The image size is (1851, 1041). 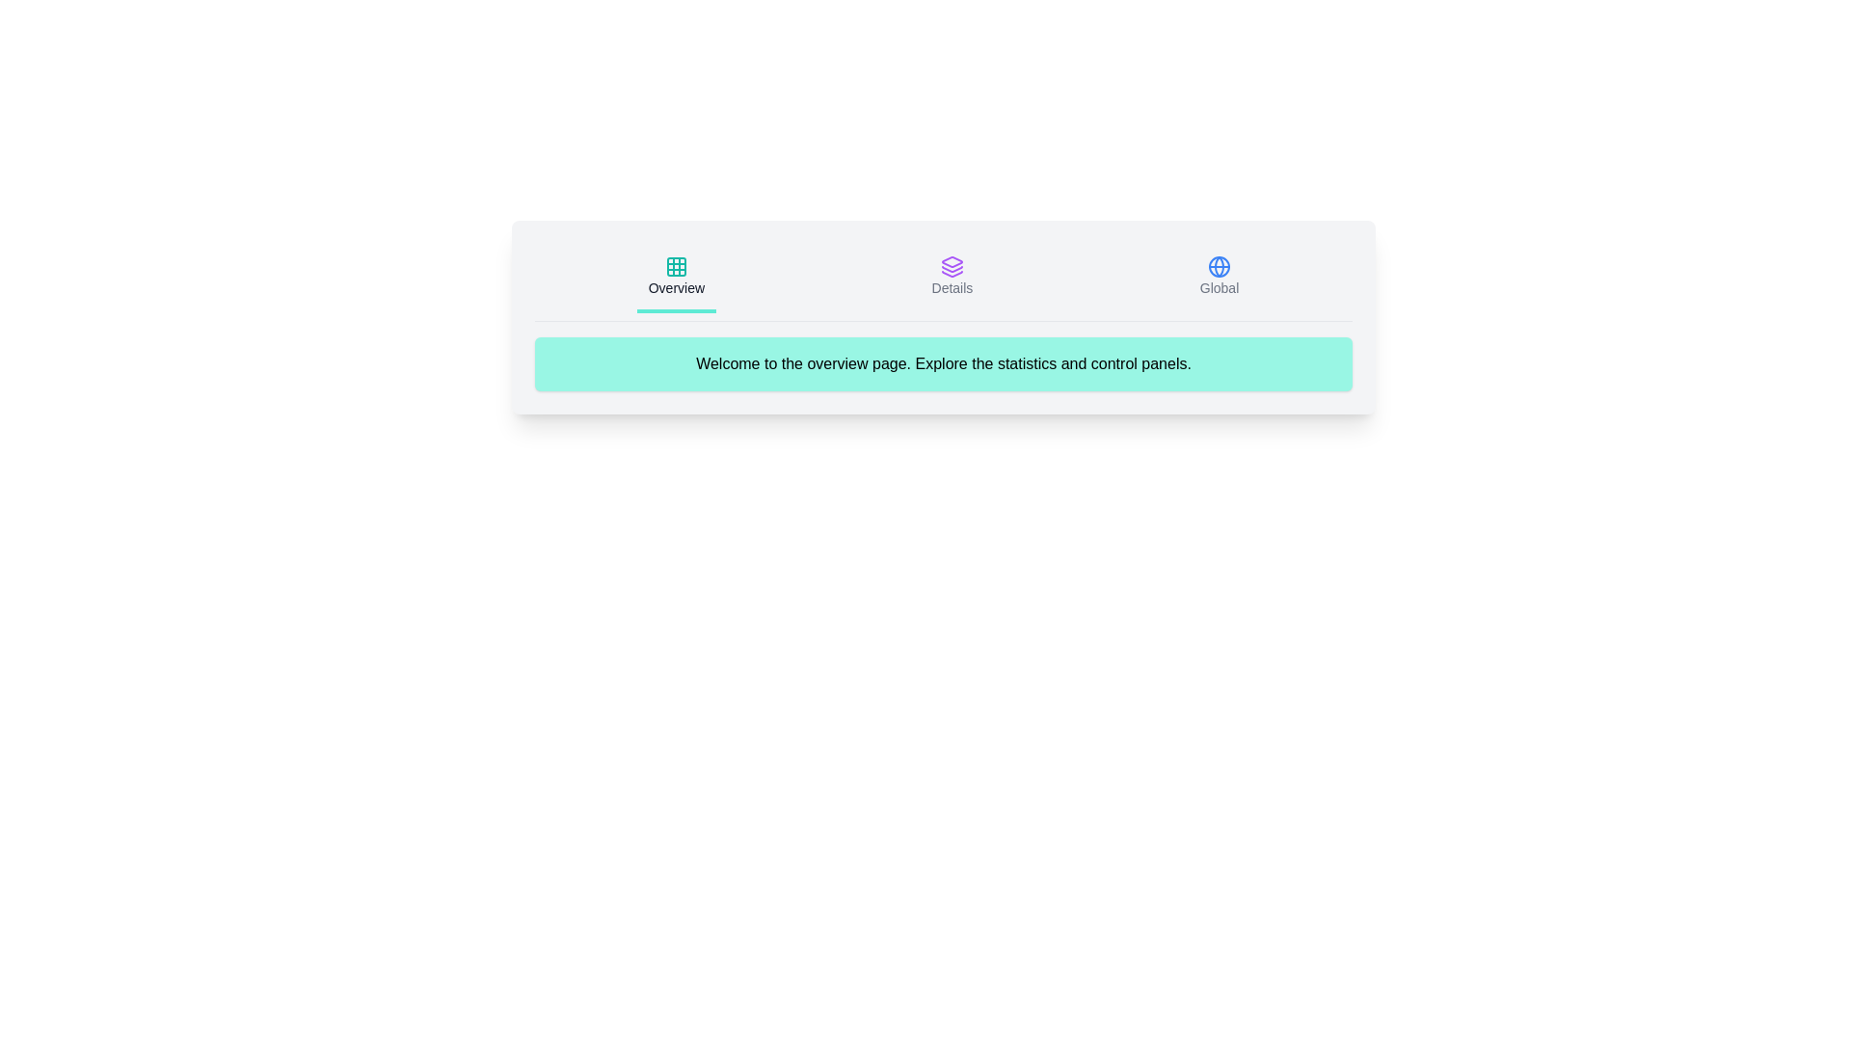 What do you see at coordinates (1219, 279) in the screenshot?
I see `the tab labeled Global to switch to the corresponding tab` at bounding box center [1219, 279].